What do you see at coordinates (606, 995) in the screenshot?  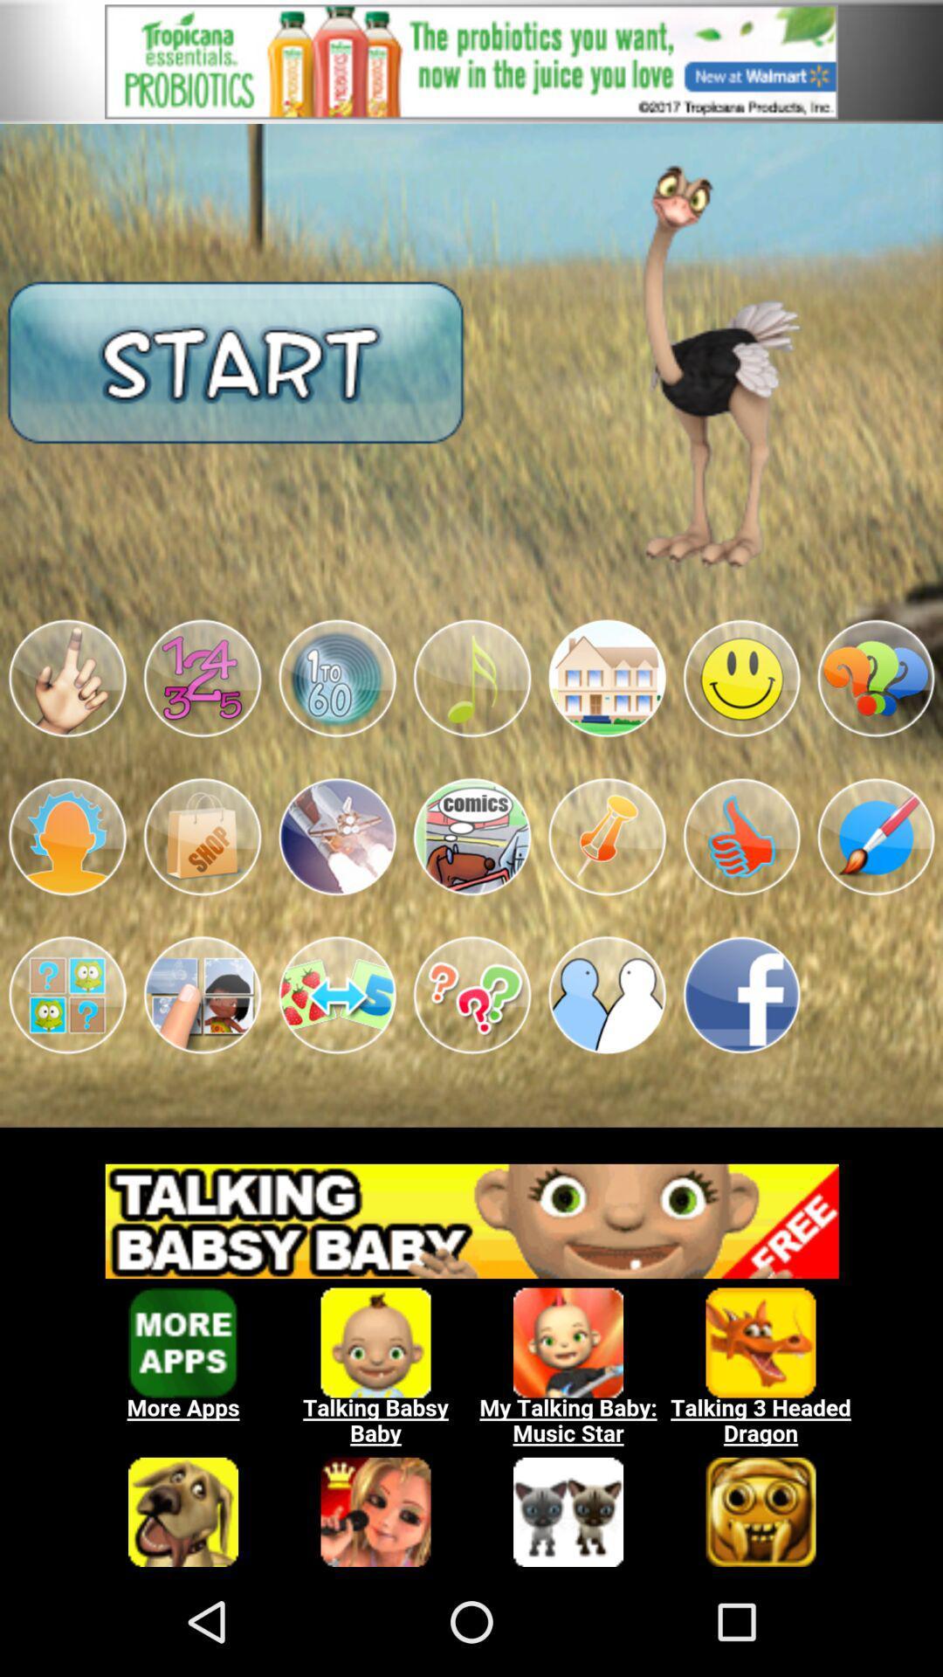 I see `contacts option` at bounding box center [606, 995].